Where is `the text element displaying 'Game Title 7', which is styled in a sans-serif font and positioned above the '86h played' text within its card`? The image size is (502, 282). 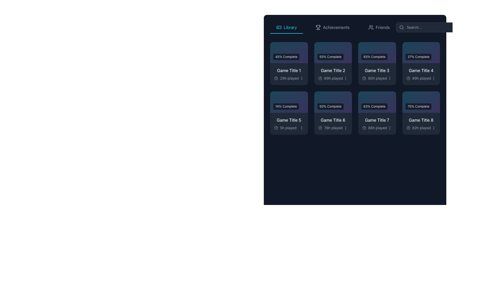 the text element displaying 'Game Title 7', which is styled in a sans-serif font and positioned above the '86h played' text within its card is located at coordinates (377, 120).